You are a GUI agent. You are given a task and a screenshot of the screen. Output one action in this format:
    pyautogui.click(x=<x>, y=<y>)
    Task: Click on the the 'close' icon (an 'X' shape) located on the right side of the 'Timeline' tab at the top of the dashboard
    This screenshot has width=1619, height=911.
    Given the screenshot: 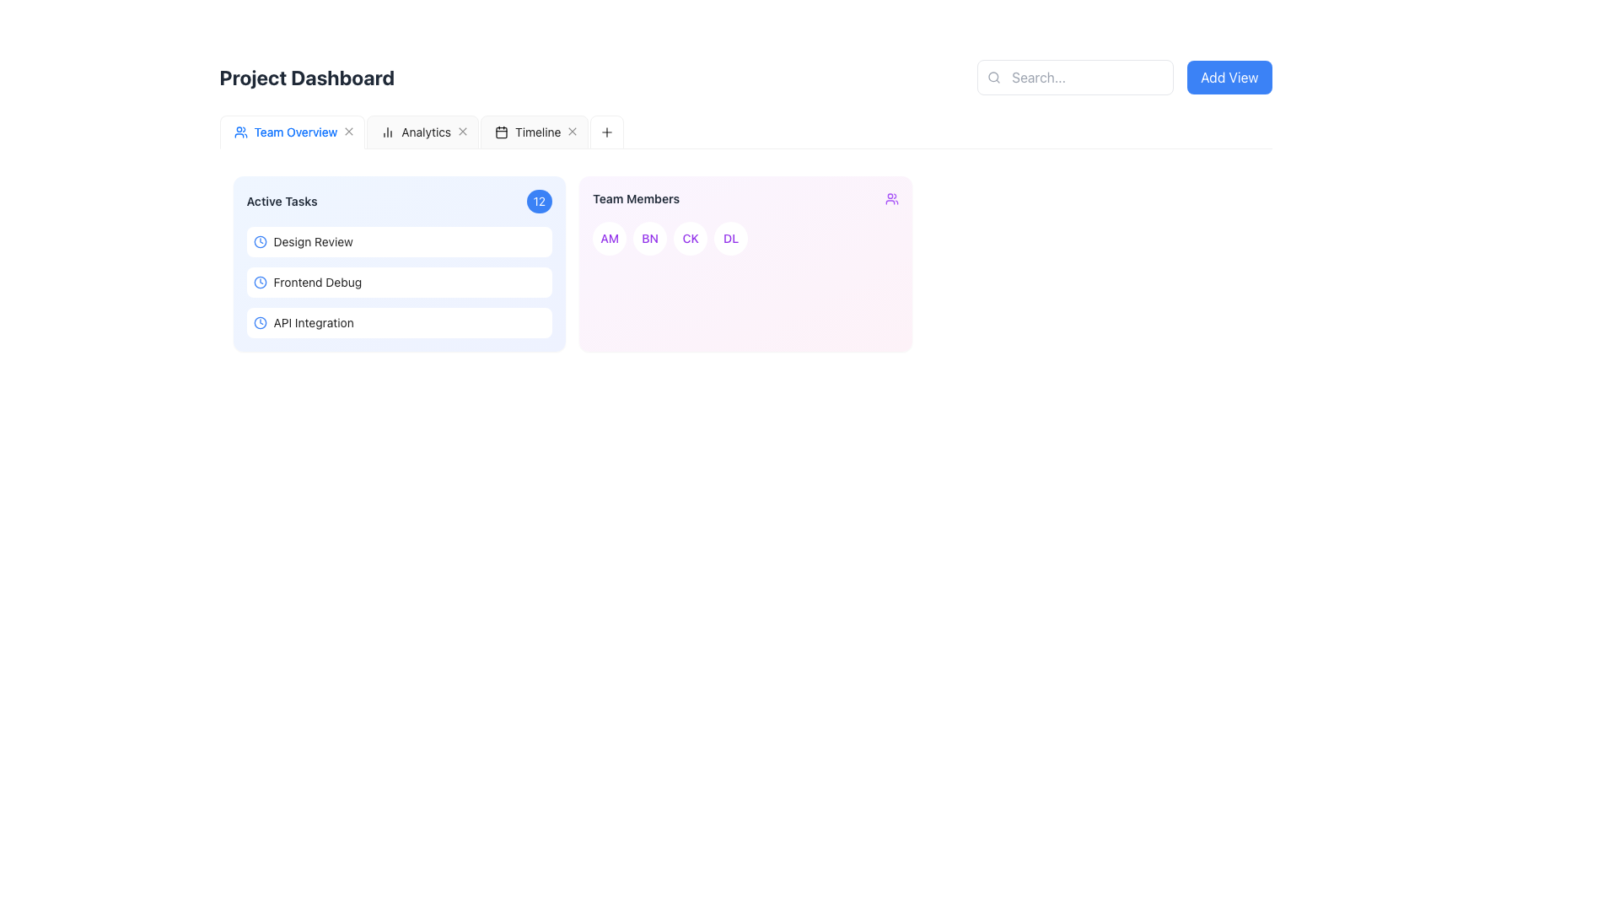 What is the action you would take?
    pyautogui.click(x=573, y=131)
    